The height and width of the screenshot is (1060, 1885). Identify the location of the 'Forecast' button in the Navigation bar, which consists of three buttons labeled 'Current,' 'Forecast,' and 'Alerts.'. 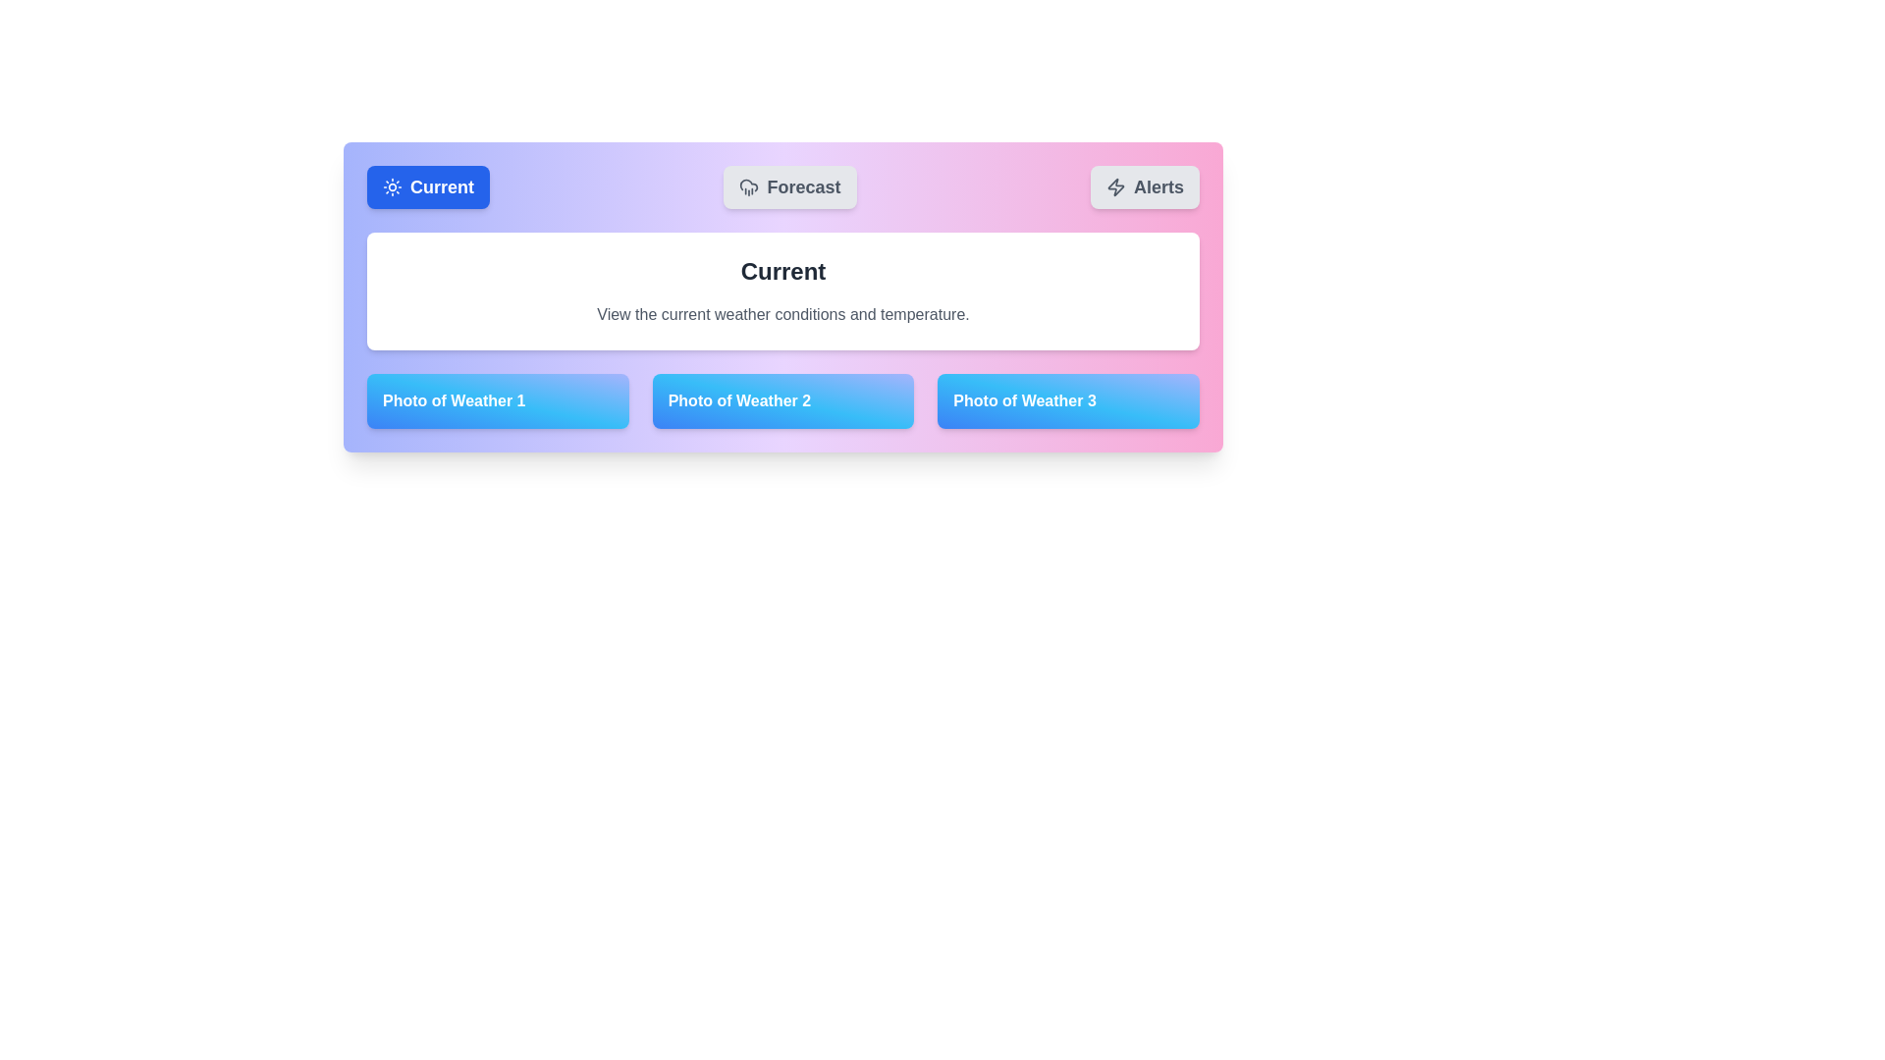
(781, 187).